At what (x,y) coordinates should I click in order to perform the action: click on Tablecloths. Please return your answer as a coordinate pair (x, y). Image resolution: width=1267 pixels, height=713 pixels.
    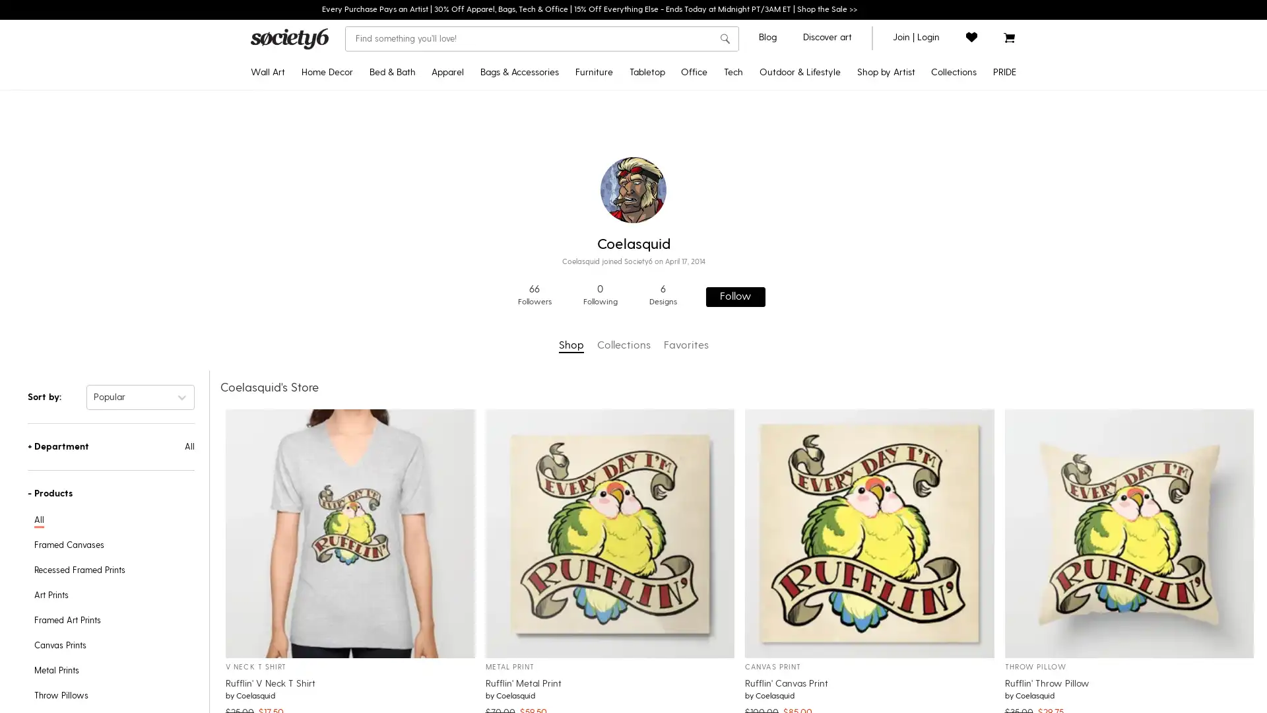
    Looking at the image, I should click on (671, 148).